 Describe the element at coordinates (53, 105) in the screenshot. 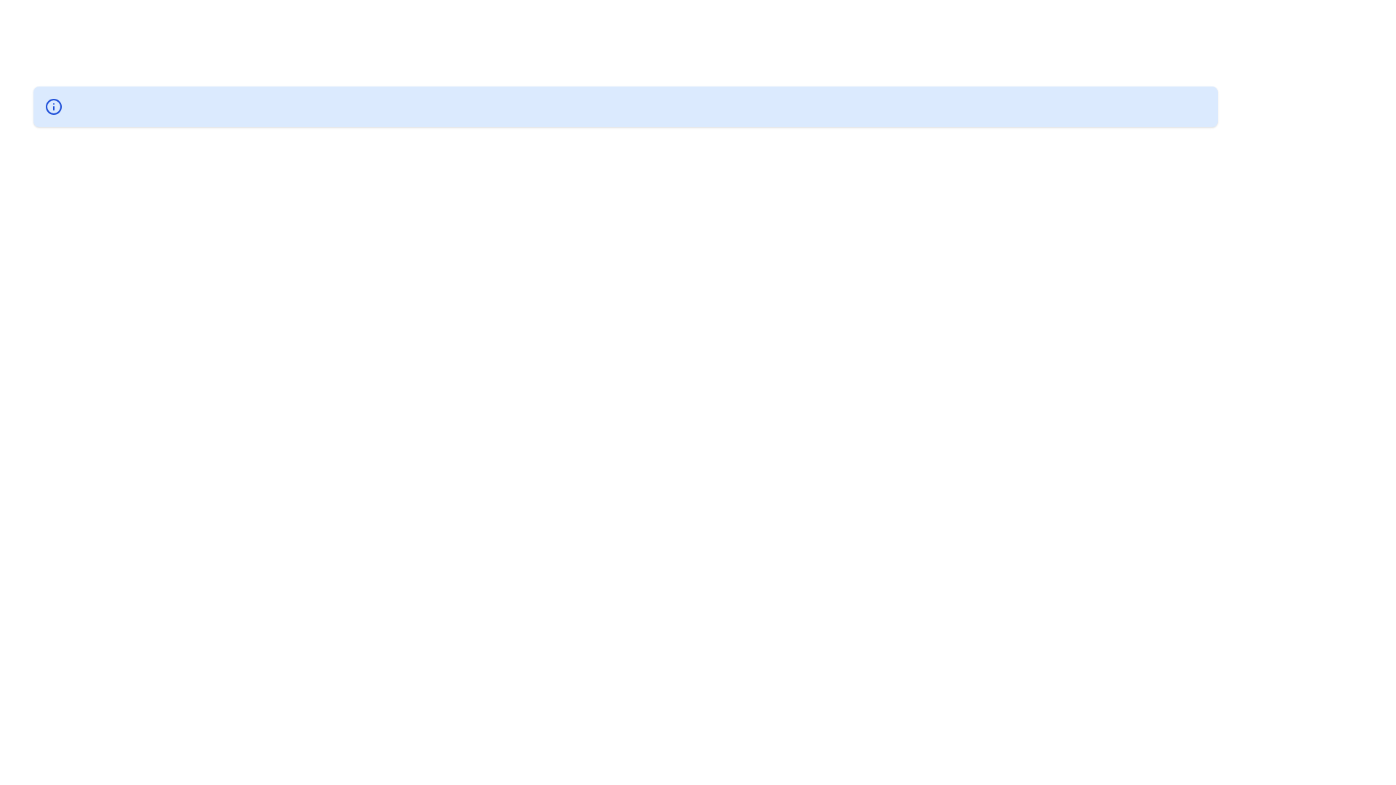

I see `the informational icon located towards the left side of the horizontal bar` at that location.